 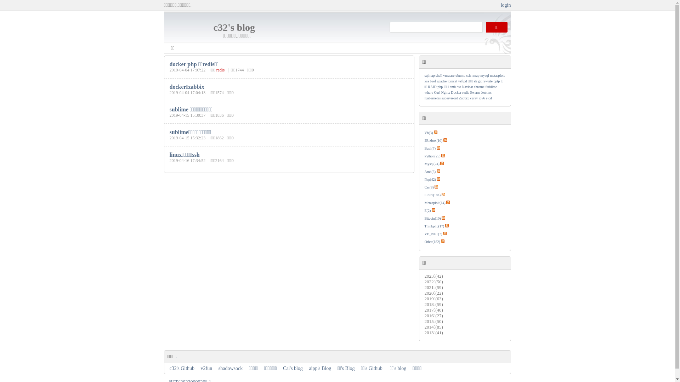 What do you see at coordinates (427, 210) in the screenshot?
I see `'E(2)'` at bounding box center [427, 210].